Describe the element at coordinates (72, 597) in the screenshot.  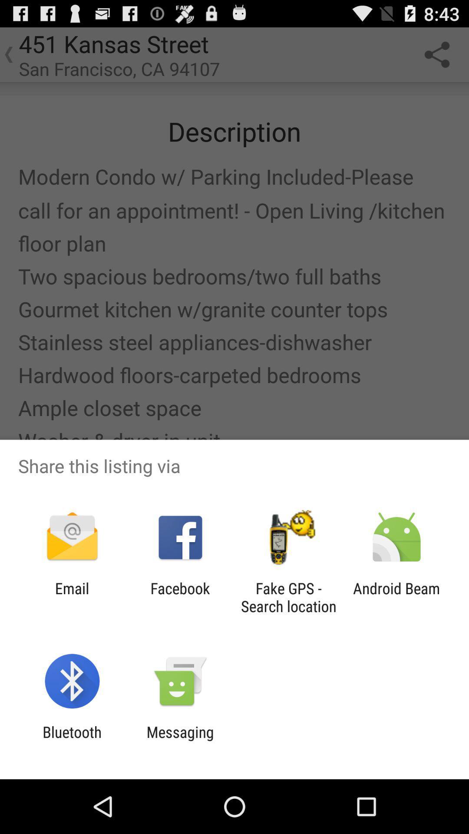
I see `email item` at that location.